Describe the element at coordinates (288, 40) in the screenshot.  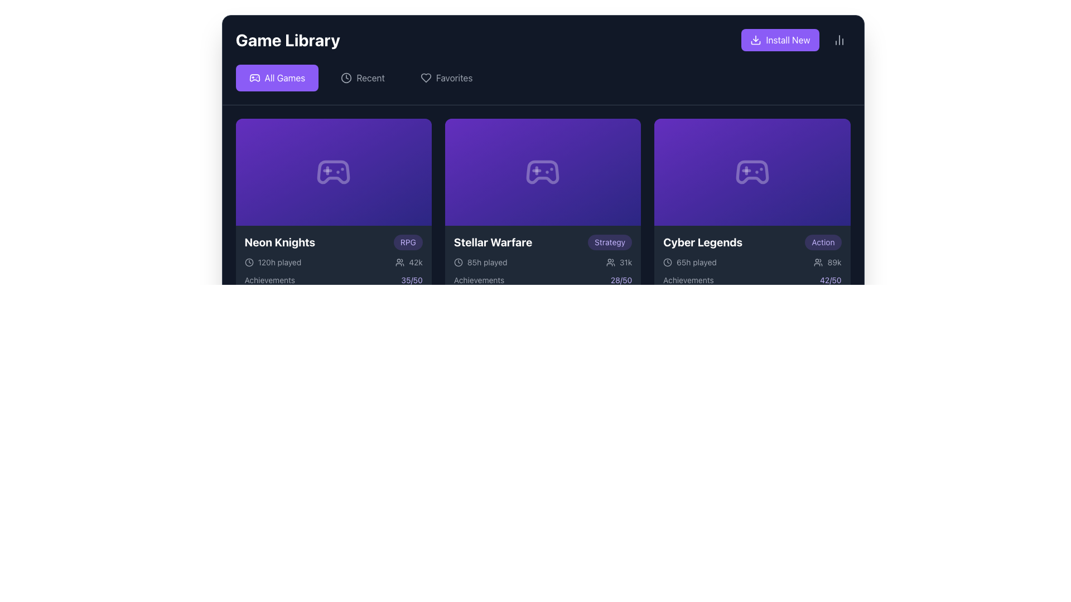
I see `the Header or Title Text, which serves as a prominent title indicating the section name, located near the top of the interface and aligned to the far left horizontally` at that location.